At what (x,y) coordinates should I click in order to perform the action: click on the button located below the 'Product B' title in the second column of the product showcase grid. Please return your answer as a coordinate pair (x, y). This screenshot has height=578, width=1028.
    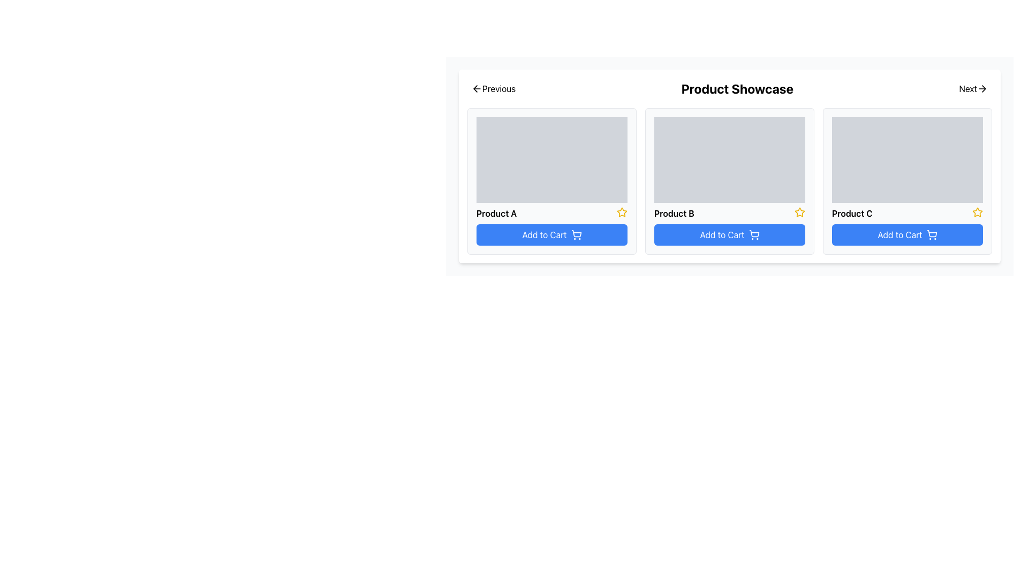
    Looking at the image, I should click on (729, 234).